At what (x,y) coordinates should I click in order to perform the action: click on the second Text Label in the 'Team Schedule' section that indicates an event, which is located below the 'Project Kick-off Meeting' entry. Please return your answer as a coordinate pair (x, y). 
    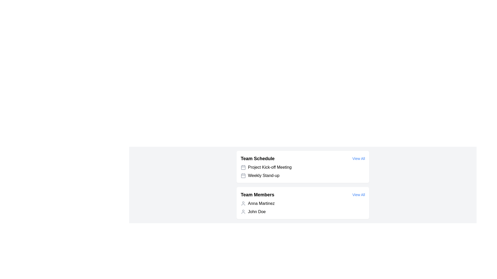
    Looking at the image, I should click on (264, 175).